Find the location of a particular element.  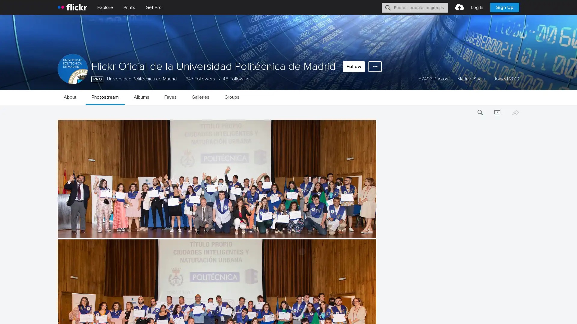

Add to Favorites is located at coordinates (58, 163).